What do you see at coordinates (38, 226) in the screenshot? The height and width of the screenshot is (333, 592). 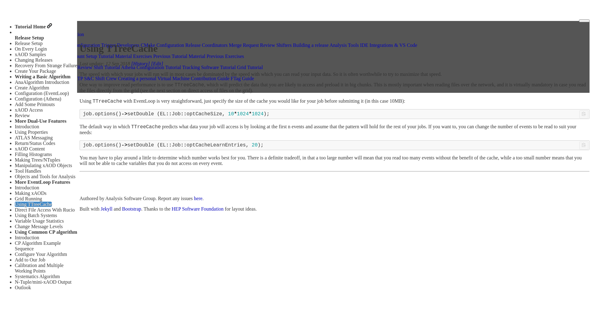 I see `'Change Message Levels'` at bounding box center [38, 226].